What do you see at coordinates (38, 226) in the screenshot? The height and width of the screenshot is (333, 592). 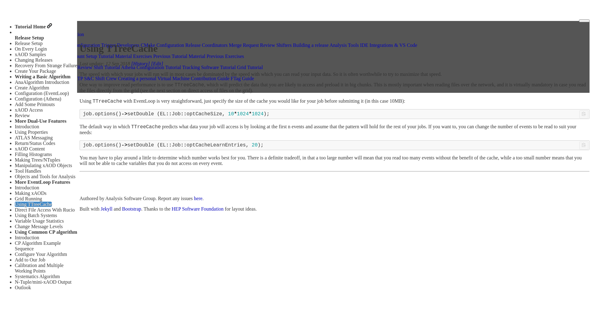 I see `'Change Message Levels'` at bounding box center [38, 226].